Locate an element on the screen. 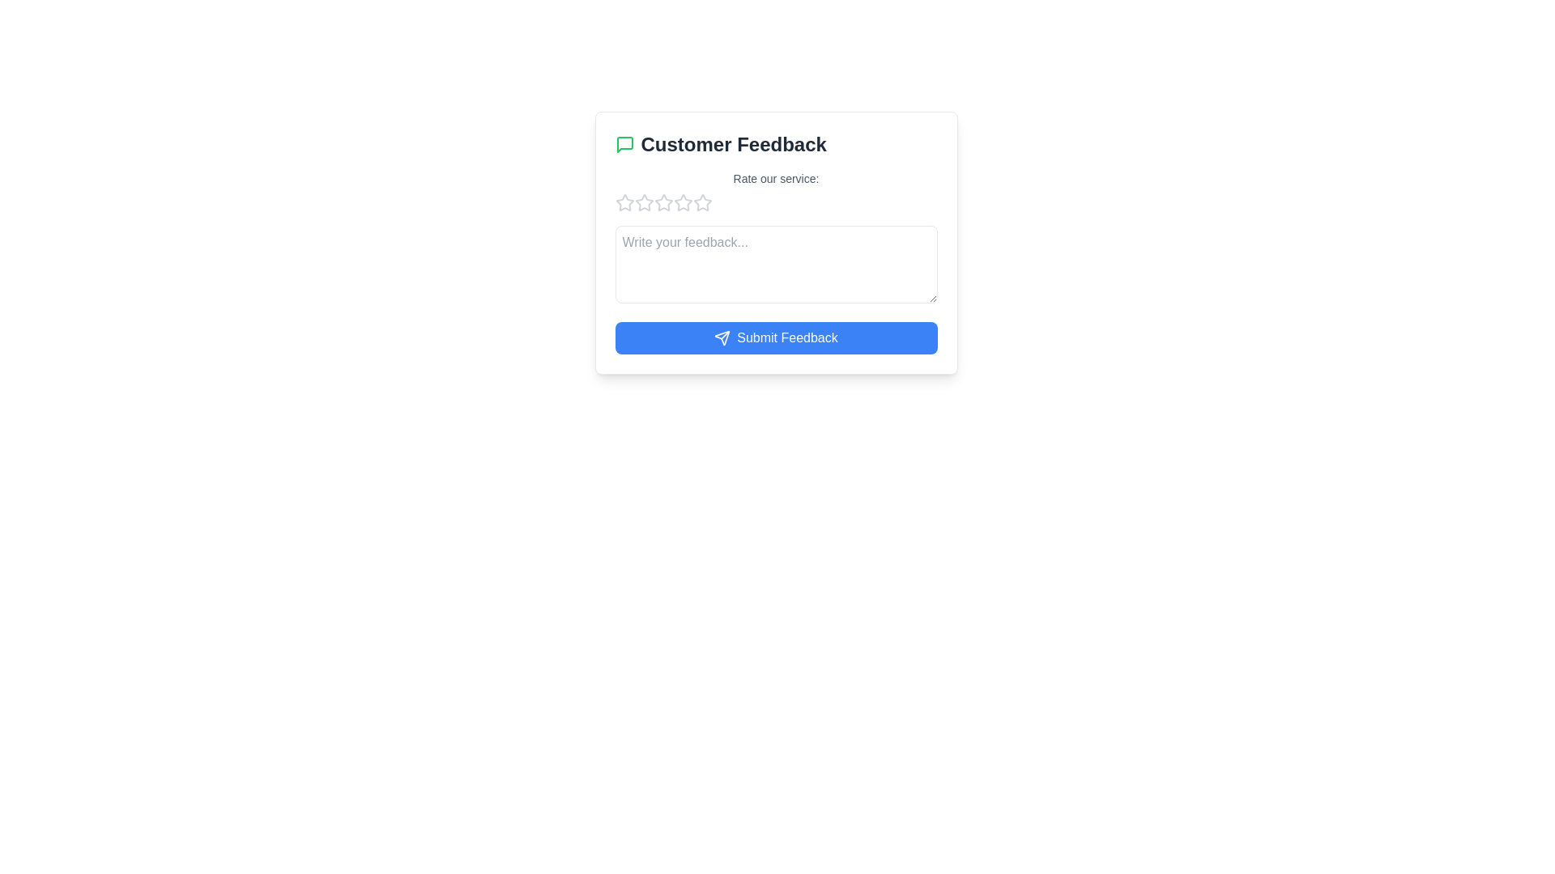 Image resolution: width=1555 pixels, height=874 pixels. the speech bubble icon styled in green is located at coordinates (624, 143).